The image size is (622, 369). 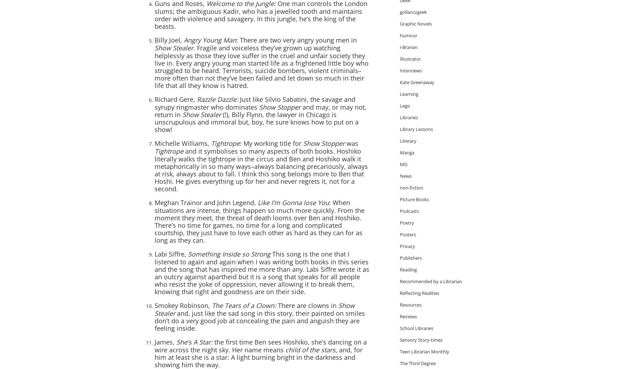 What do you see at coordinates (188, 254) in the screenshot?
I see `'Something Inside so Strong'` at bounding box center [188, 254].